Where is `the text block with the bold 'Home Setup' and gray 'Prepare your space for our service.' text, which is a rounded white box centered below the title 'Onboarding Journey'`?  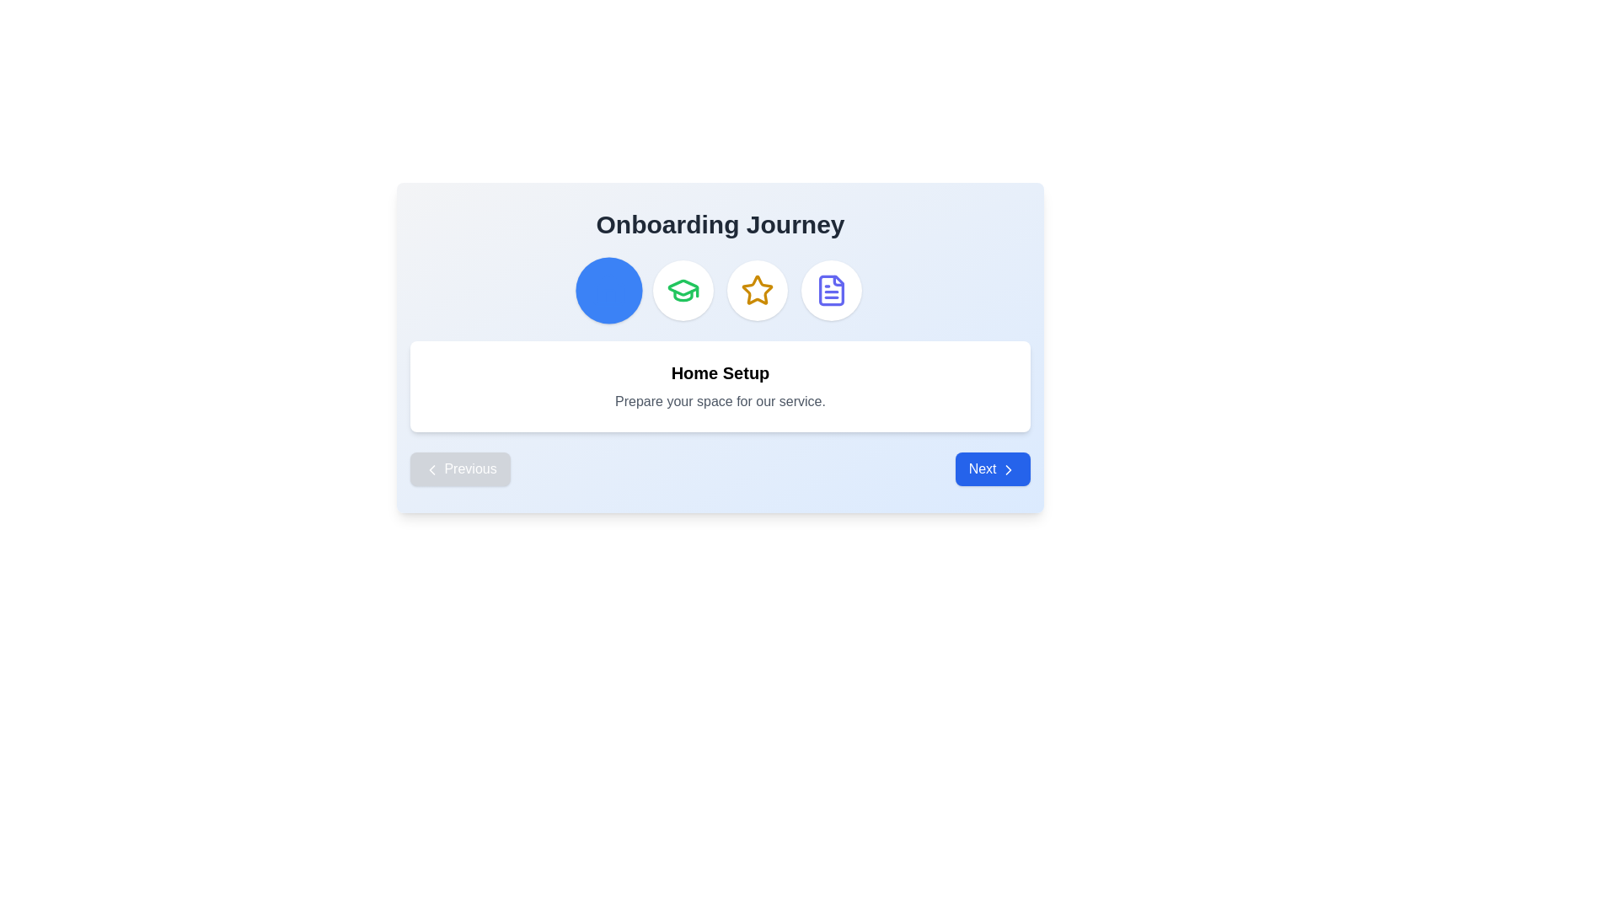
the text block with the bold 'Home Setup' and gray 'Prepare your space for our service.' text, which is a rounded white box centered below the title 'Onboarding Journey' is located at coordinates (720, 387).